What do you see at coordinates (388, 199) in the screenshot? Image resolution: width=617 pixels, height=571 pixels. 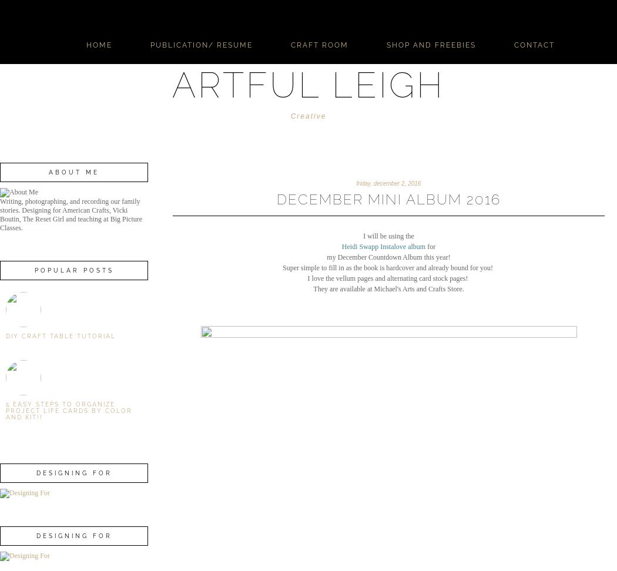 I see `'DECEMBER Mini Album 2016'` at bounding box center [388, 199].